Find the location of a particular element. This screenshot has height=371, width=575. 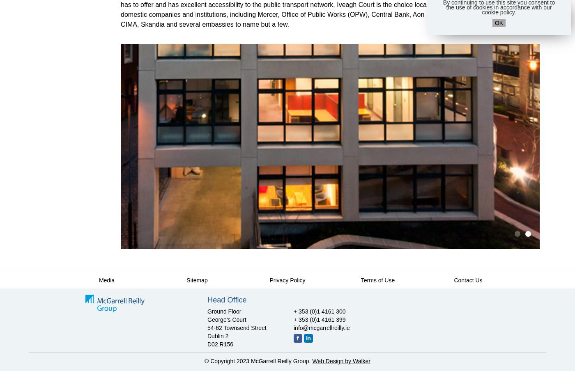

'D02 R156' is located at coordinates (220, 344).